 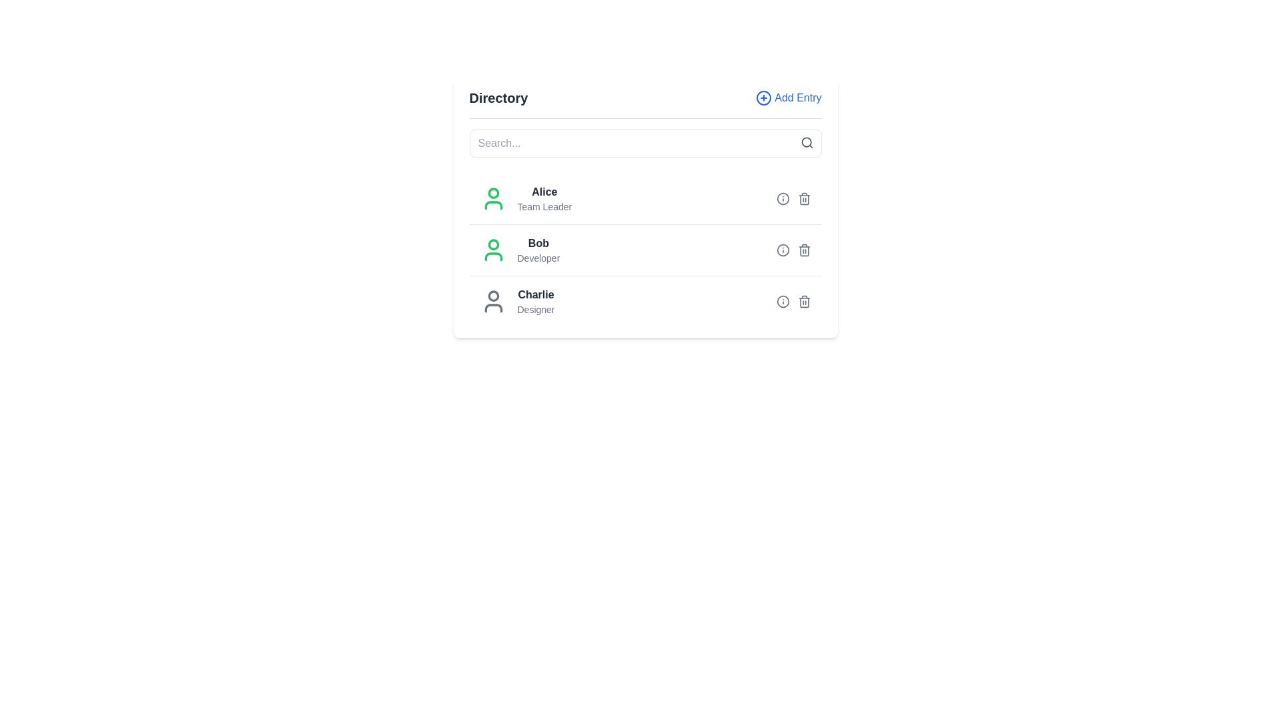 What do you see at coordinates (492, 295) in the screenshot?
I see `the circular graphic element within the user avatar icon located to the left of 'Charlie' in the 'Directory' section` at bounding box center [492, 295].